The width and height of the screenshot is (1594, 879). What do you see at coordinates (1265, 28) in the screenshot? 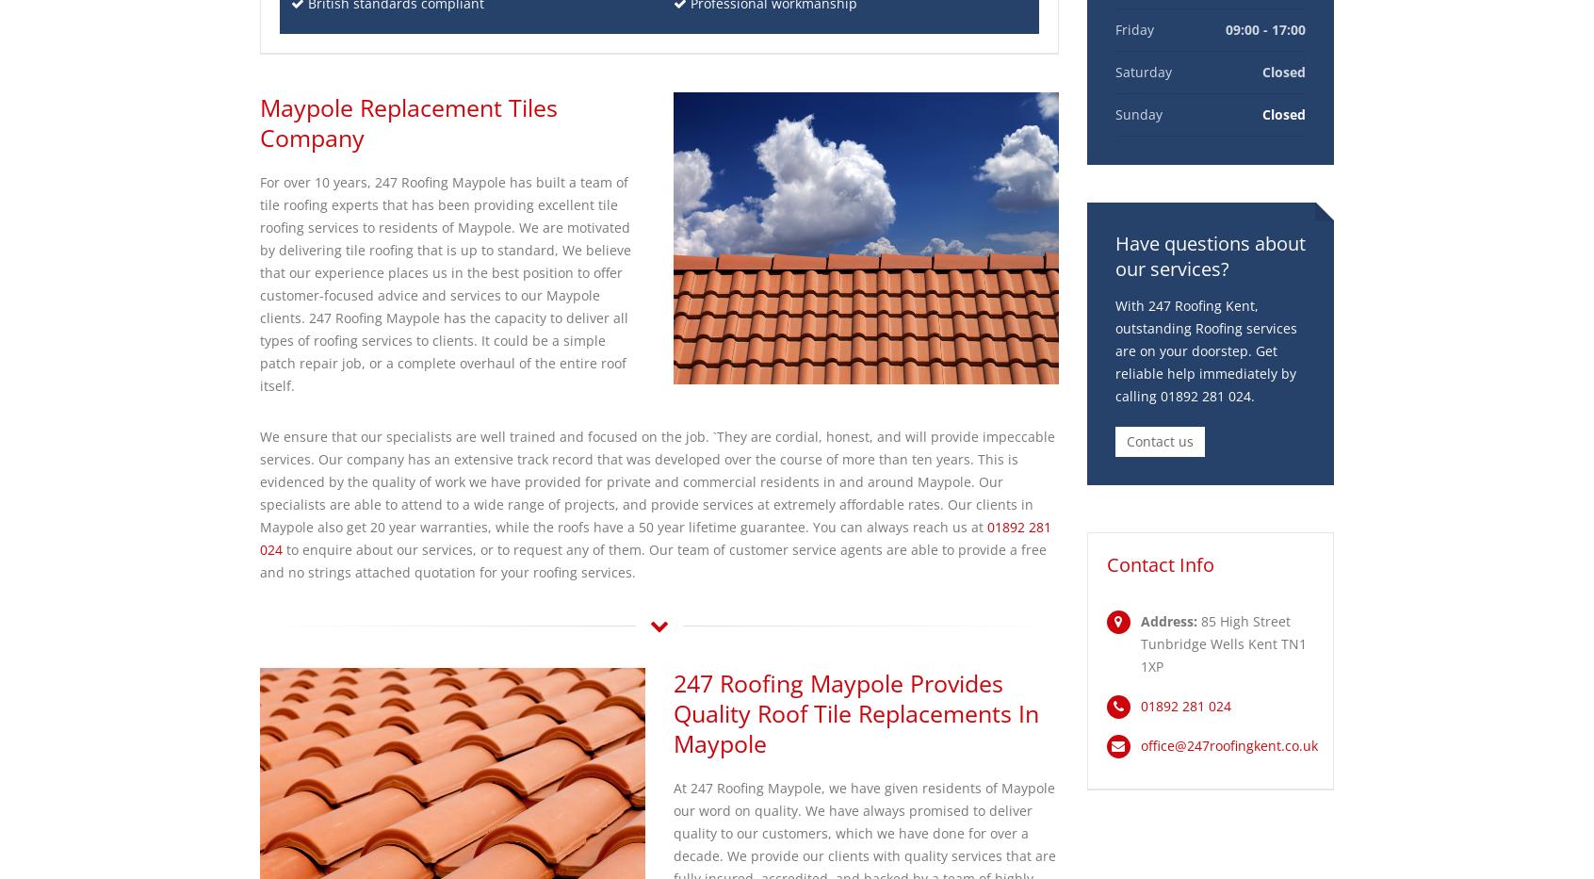
I see `'09:00 - 17:00'` at bounding box center [1265, 28].